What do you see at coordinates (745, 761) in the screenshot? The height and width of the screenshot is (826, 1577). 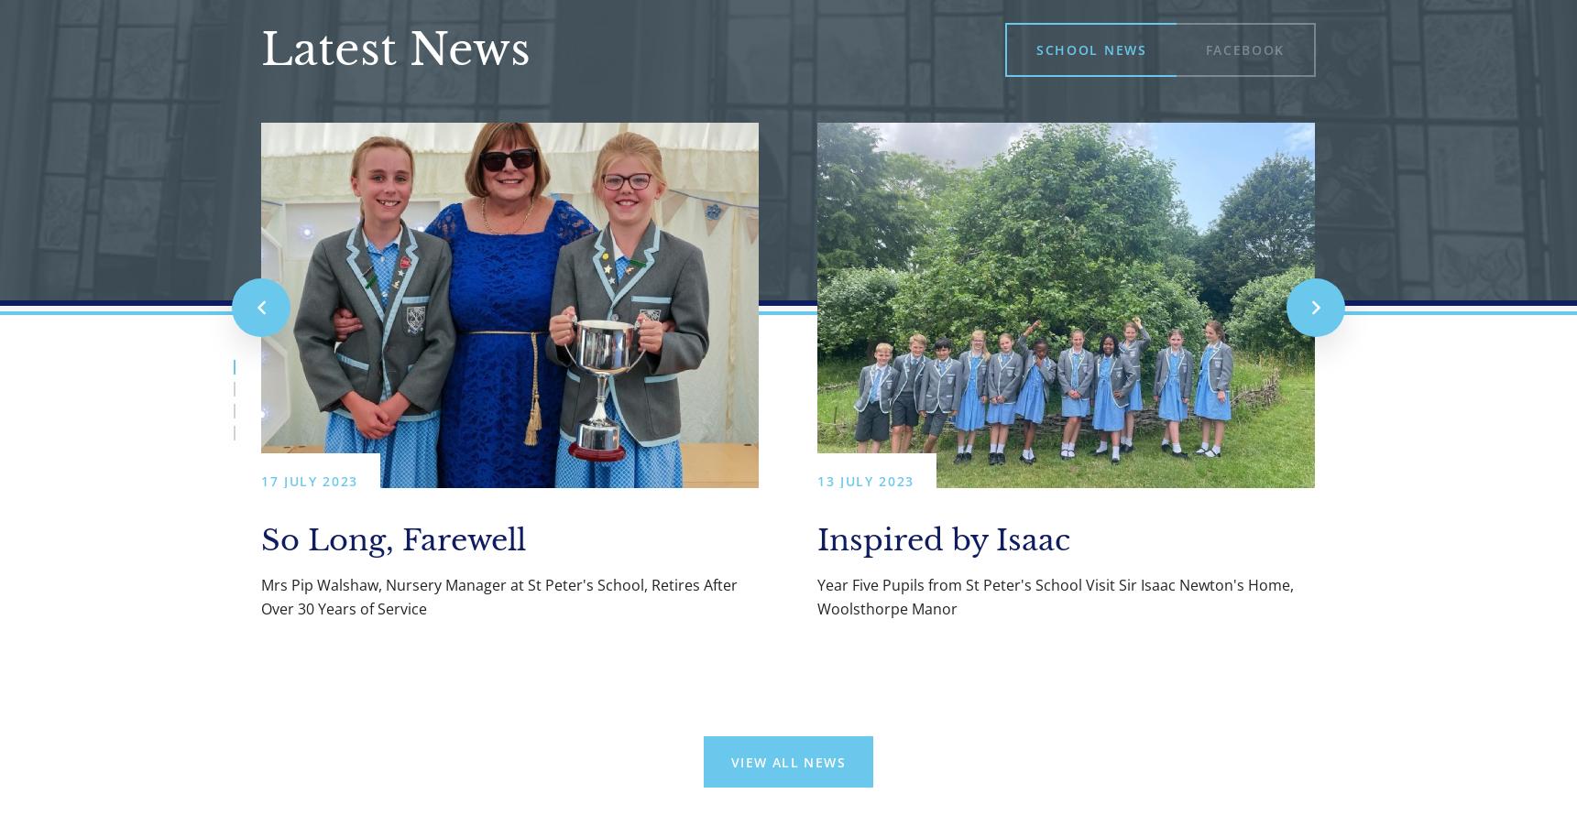 I see `'Follow Us'` at bounding box center [745, 761].